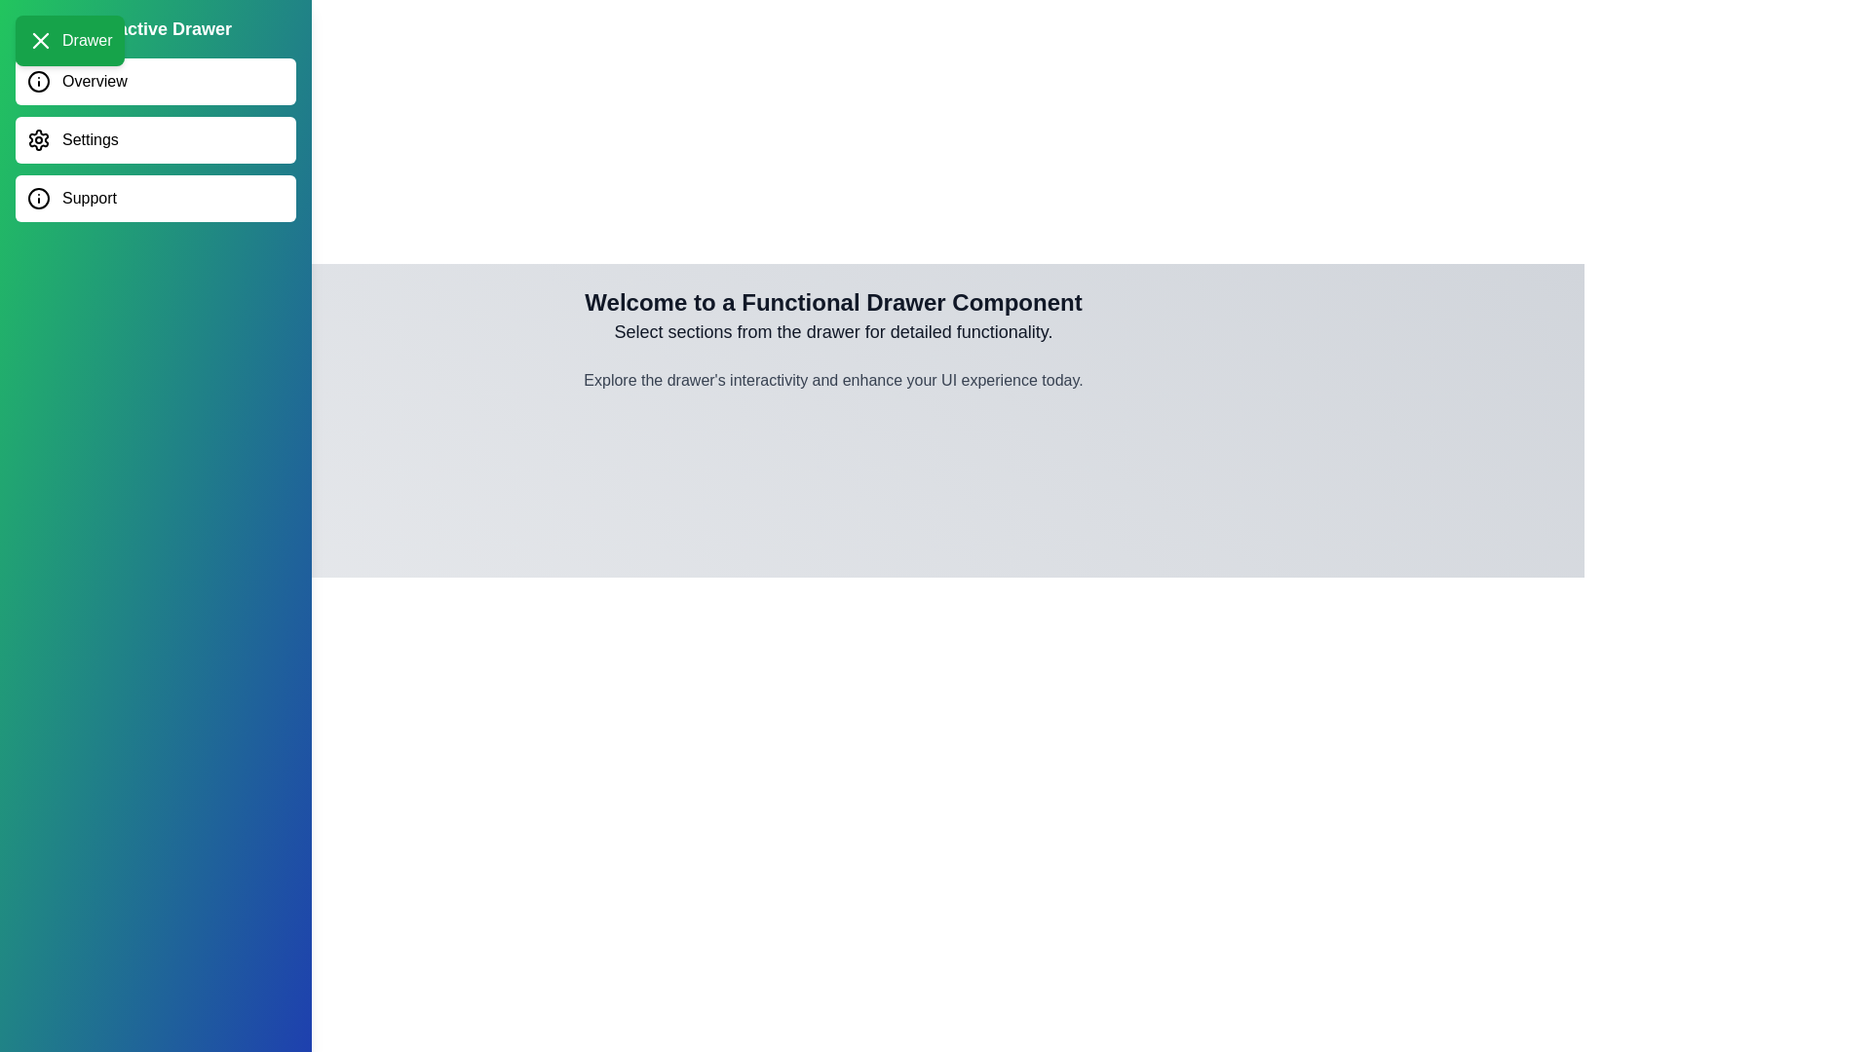  What do you see at coordinates (154, 199) in the screenshot?
I see `the menu item Support in the drawer` at bounding box center [154, 199].